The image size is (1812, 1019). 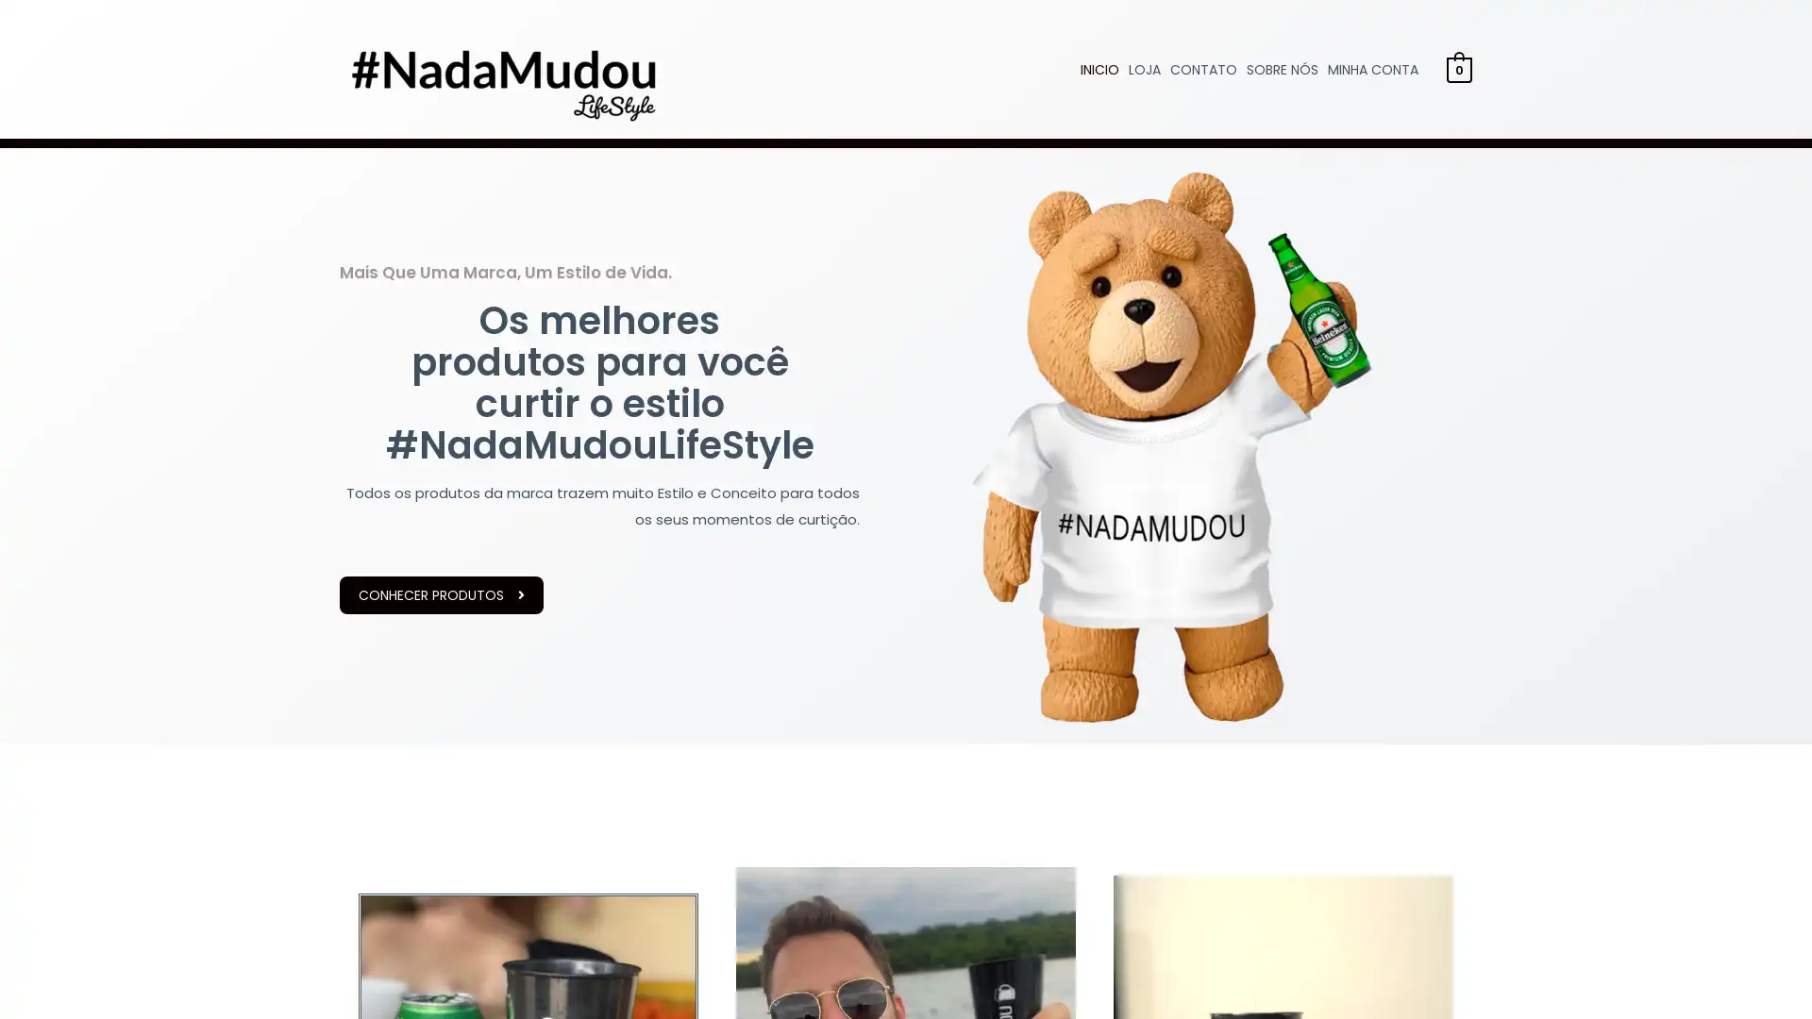 What do you see at coordinates (440, 595) in the screenshot?
I see `CONHECER PRODUTOS` at bounding box center [440, 595].